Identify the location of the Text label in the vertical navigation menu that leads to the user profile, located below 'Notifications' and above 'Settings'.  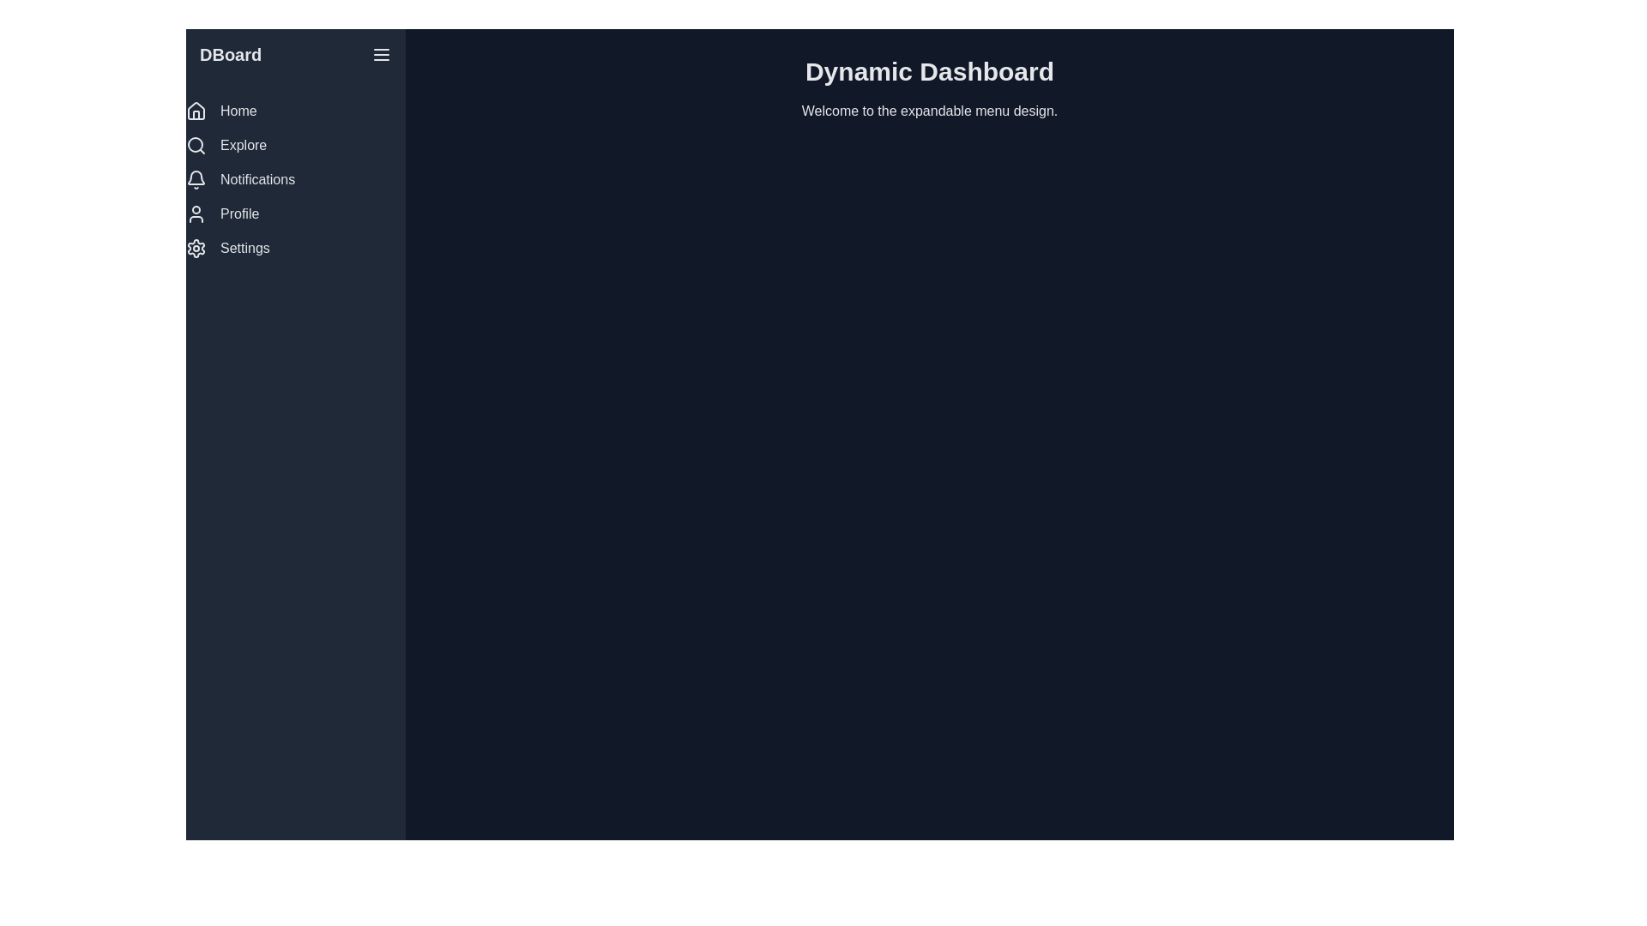
(238, 213).